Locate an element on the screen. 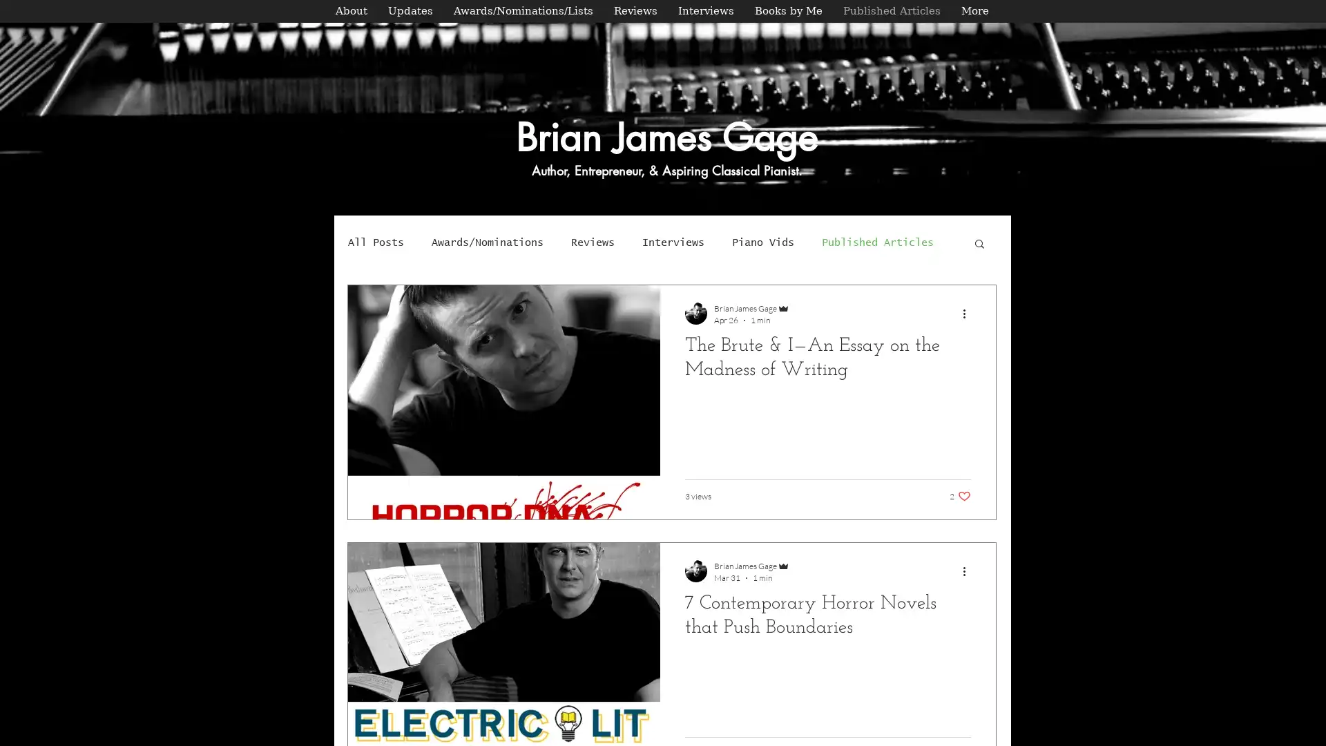 The height and width of the screenshot is (746, 1326). Piano Vids is located at coordinates (762, 242).